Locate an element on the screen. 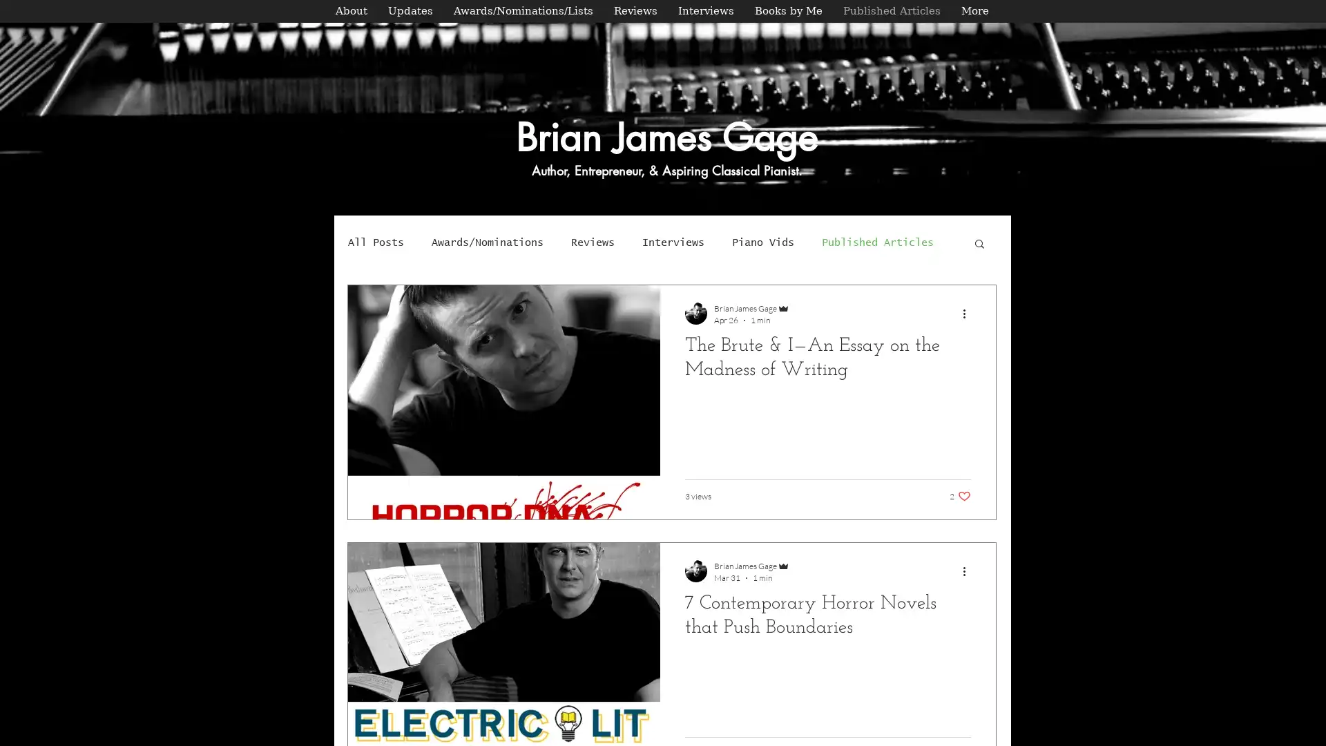 The height and width of the screenshot is (746, 1326). Piano Vids is located at coordinates (762, 242).